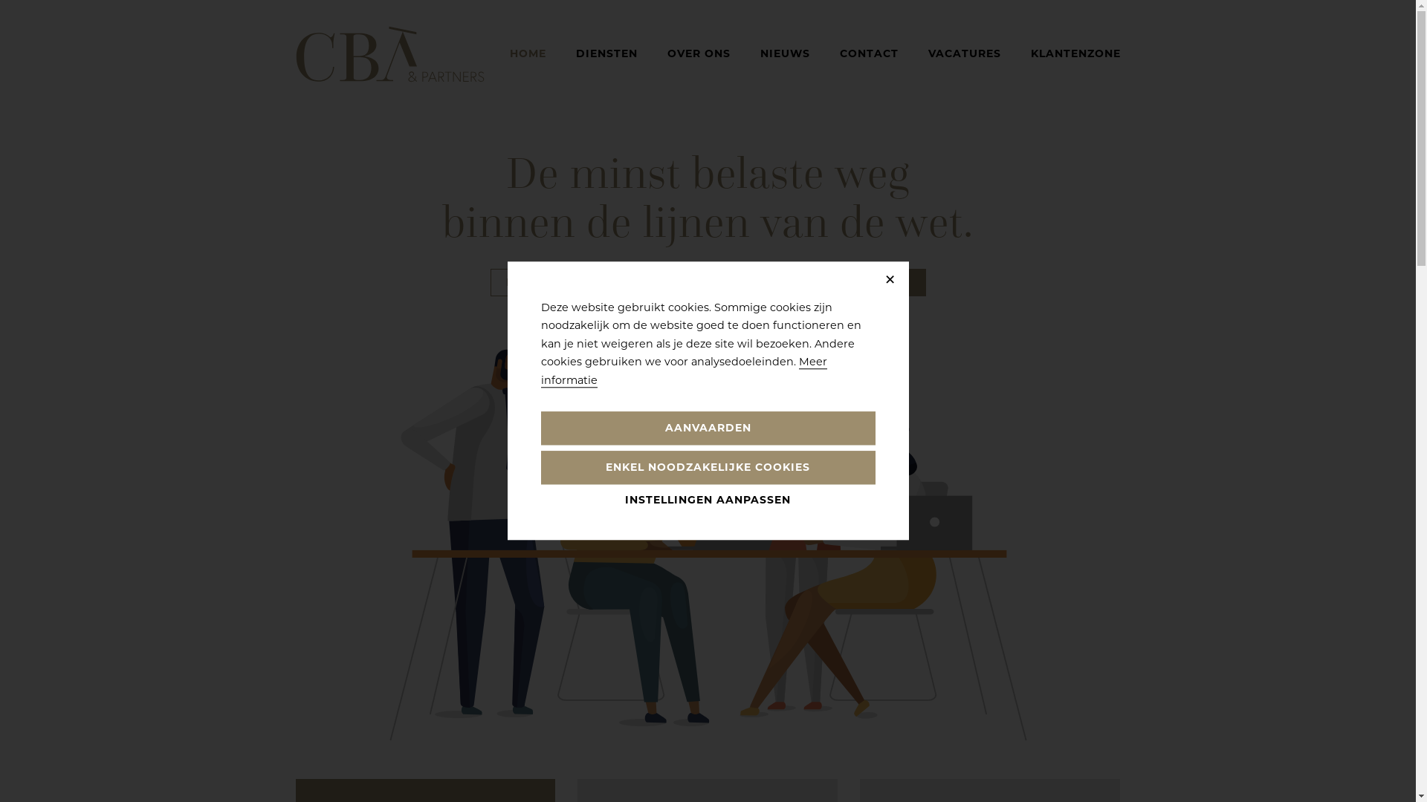 Image resolution: width=1427 pixels, height=802 pixels. I want to click on 'WIE ZIJN WE', so click(719, 282).